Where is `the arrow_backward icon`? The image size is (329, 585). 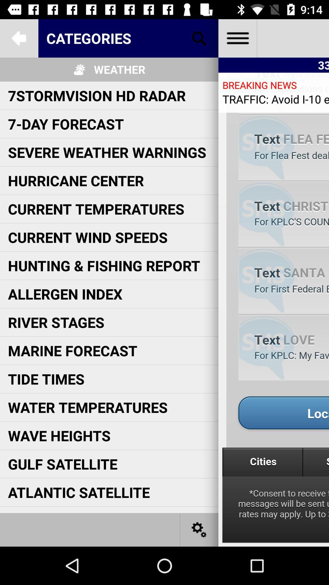
the arrow_backward icon is located at coordinates (19, 38).